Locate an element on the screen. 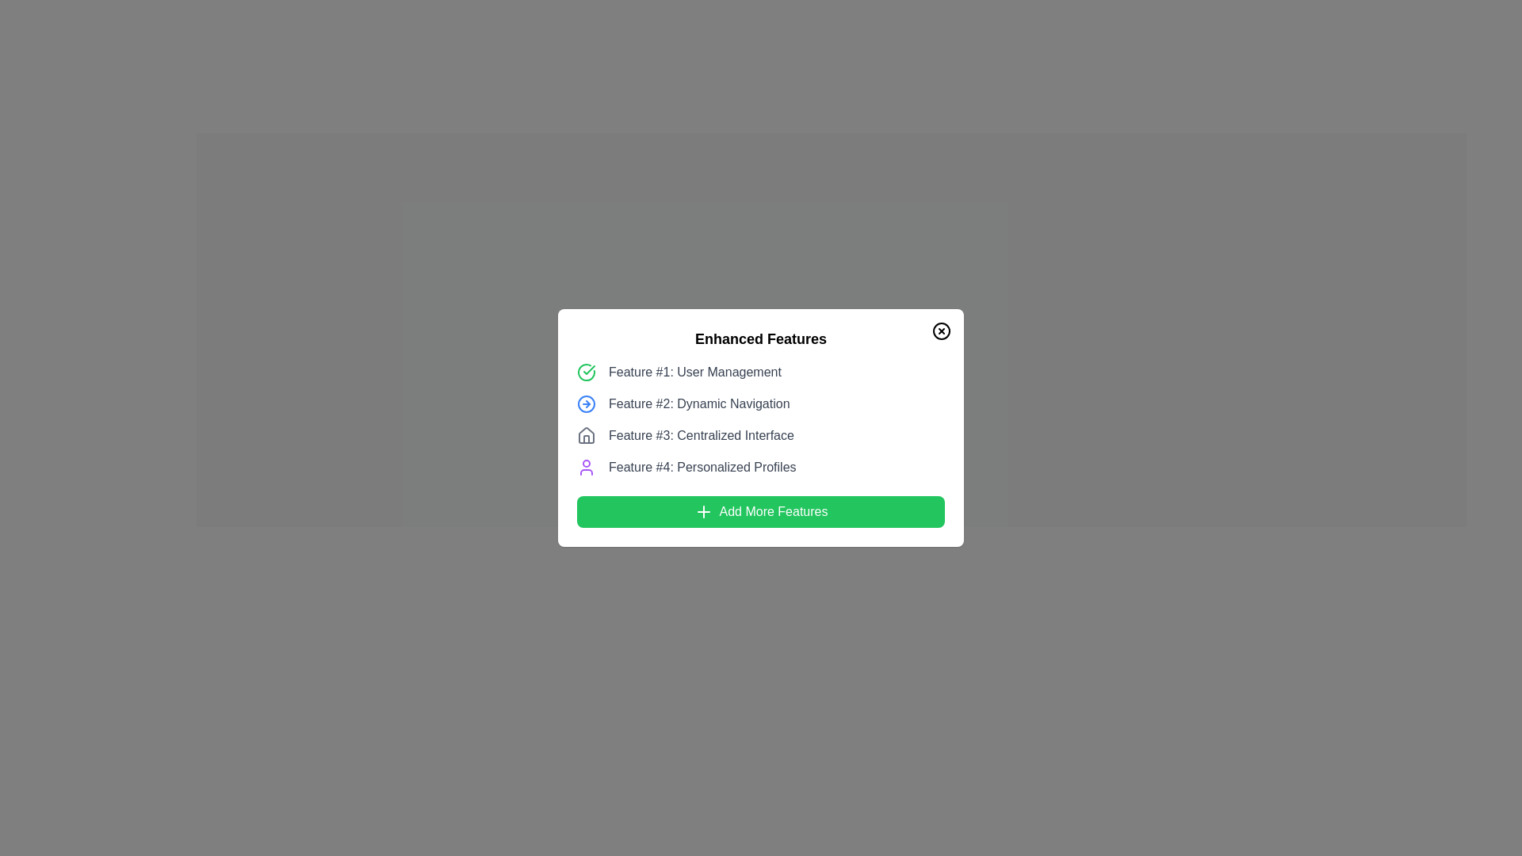 The height and width of the screenshot is (856, 1522). the hollow circle with a dark outline that forms the outer border of the close icon is located at coordinates (942, 330).